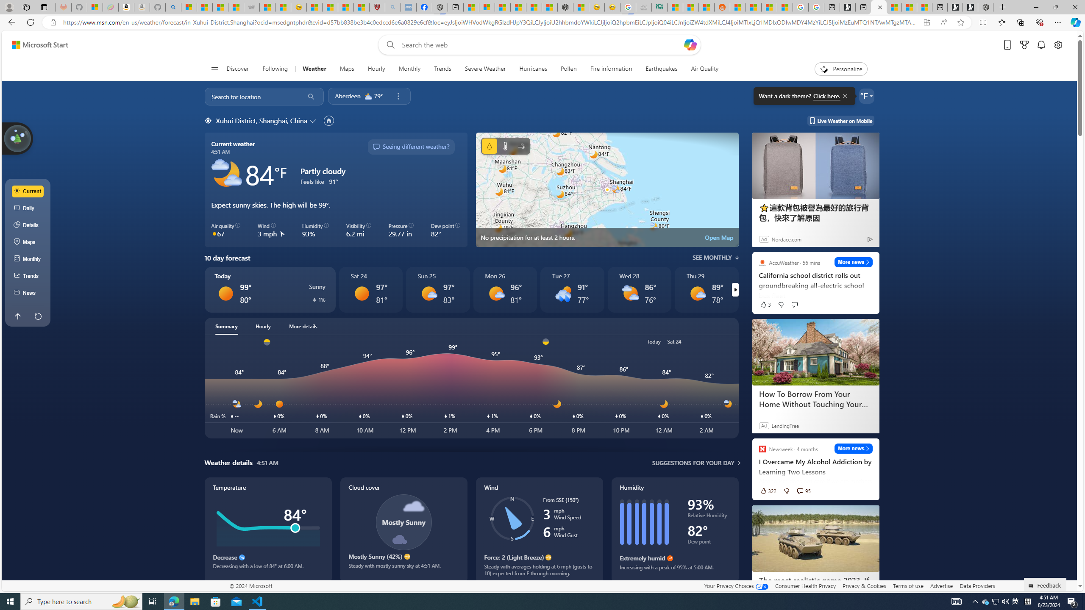 This screenshot has width=1085, height=610. What do you see at coordinates (674, 530) in the screenshot?
I see `'Humidity'` at bounding box center [674, 530].